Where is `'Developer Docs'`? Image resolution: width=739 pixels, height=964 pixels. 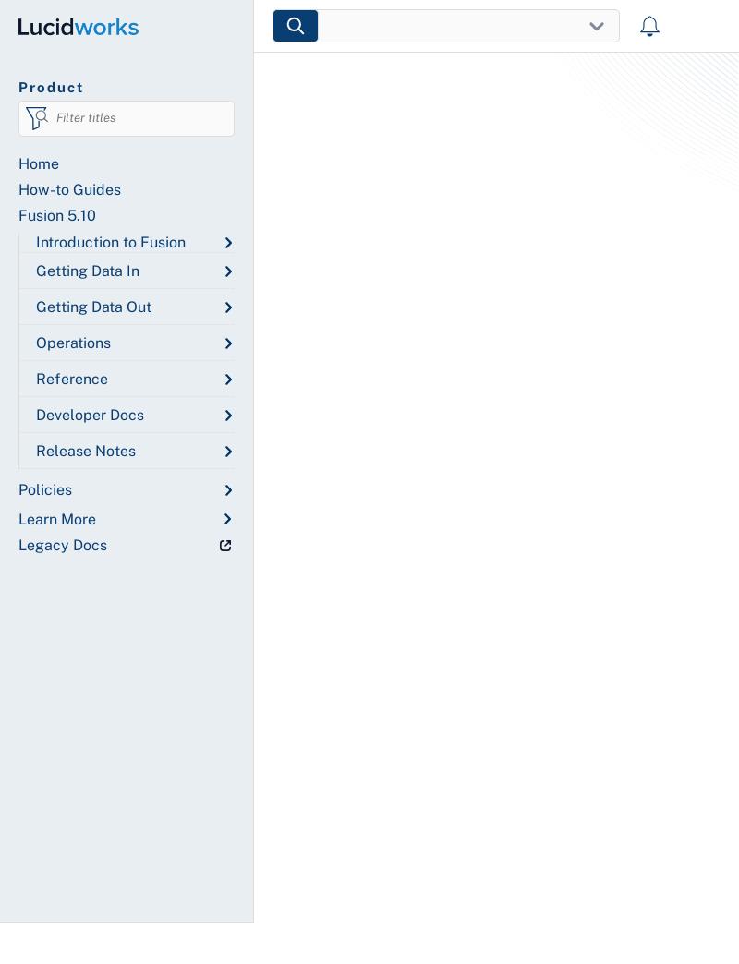 'Developer Docs' is located at coordinates (90, 414).